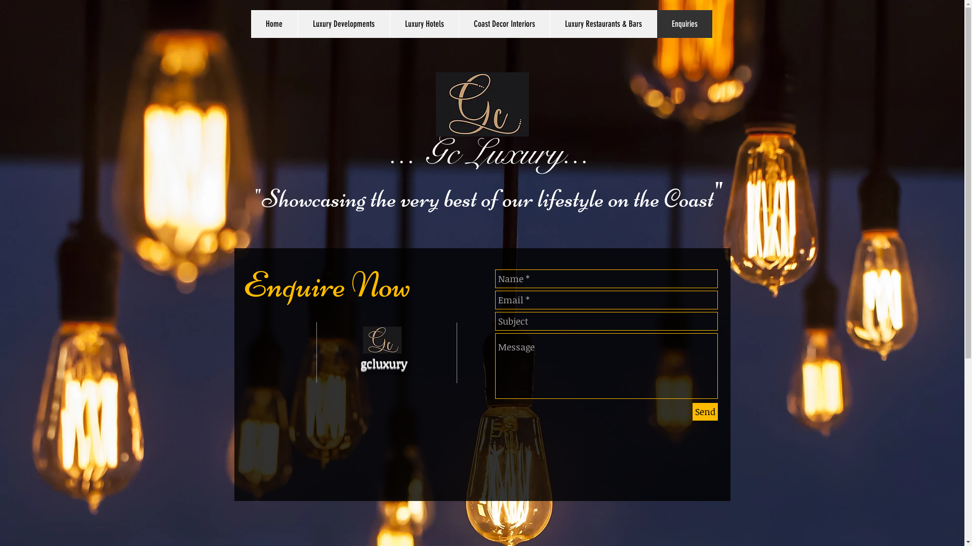 Image resolution: width=972 pixels, height=546 pixels. Describe the element at coordinates (704, 412) in the screenshot. I see `'Send'` at that location.